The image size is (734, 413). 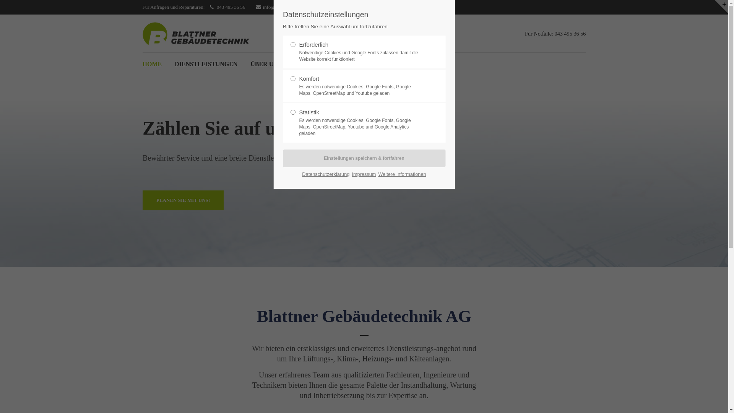 What do you see at coordinates (206, 64) in the screenshot?
I see `'DIENSTLEISTUNGEN'` at bounding box center [206, 64].